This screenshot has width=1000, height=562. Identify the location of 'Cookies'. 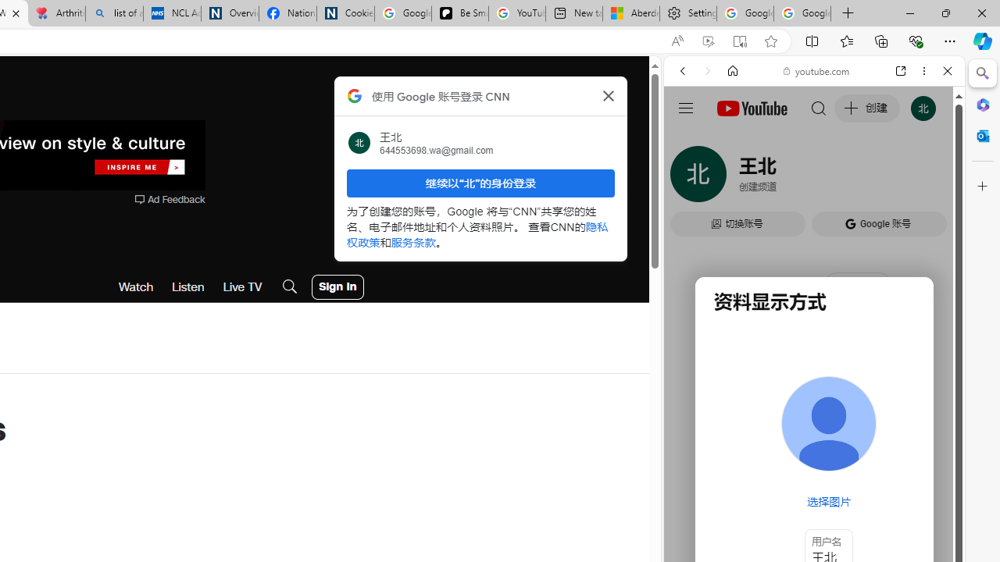
(345, 13).